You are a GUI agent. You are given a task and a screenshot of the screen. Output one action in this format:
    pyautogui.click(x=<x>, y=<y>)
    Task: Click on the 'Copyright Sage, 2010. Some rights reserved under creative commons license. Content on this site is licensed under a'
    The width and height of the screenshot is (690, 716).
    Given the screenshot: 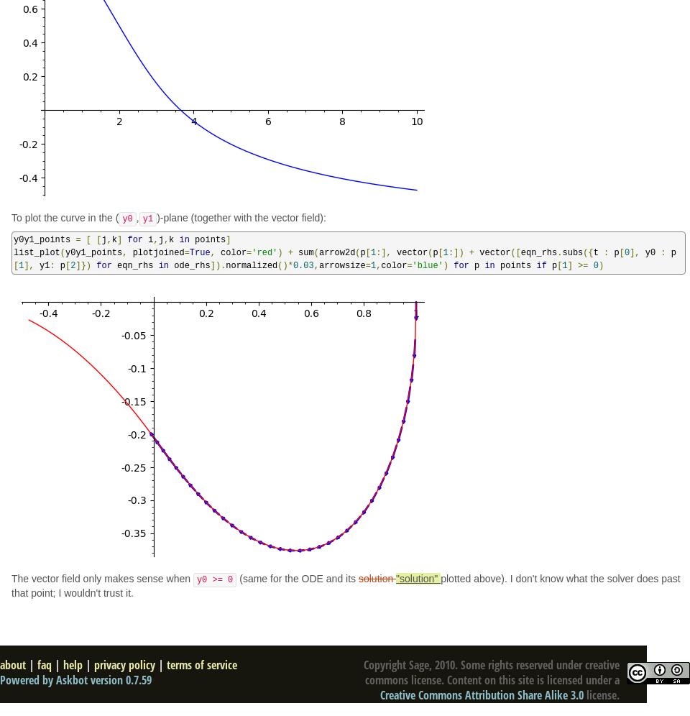 What is the action you would take?
    pyautogui.click(x=492, y=672)
    